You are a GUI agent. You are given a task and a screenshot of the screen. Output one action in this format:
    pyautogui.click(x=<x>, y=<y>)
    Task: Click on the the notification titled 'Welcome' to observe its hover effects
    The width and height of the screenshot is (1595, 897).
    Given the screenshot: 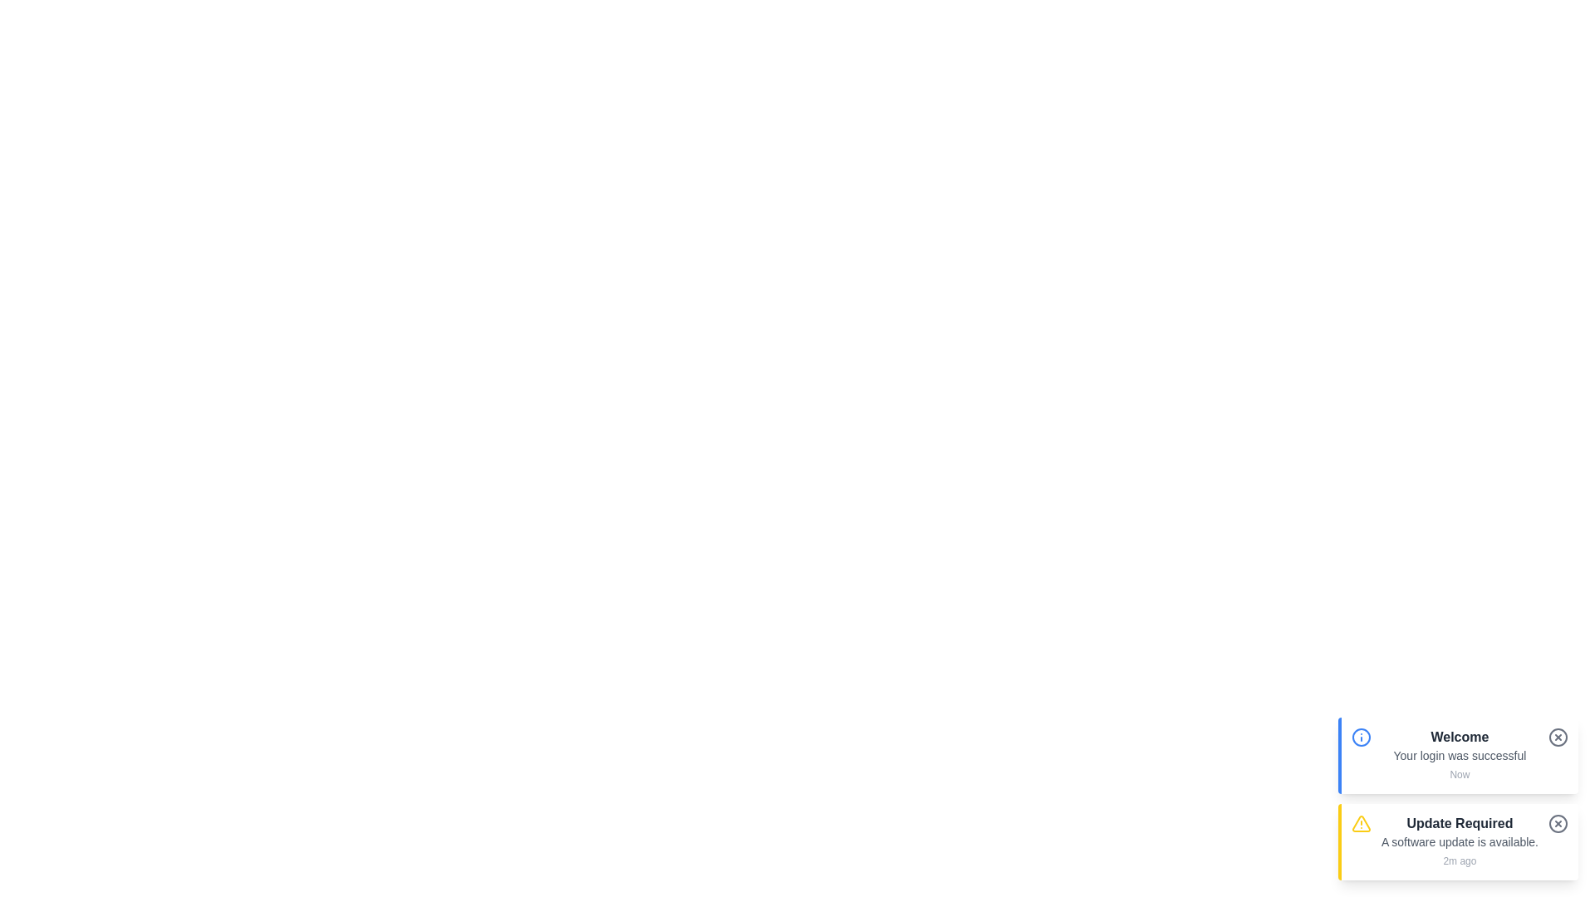 What is the action you would take?
    pyautogui.click(x=1457, y=756)
    